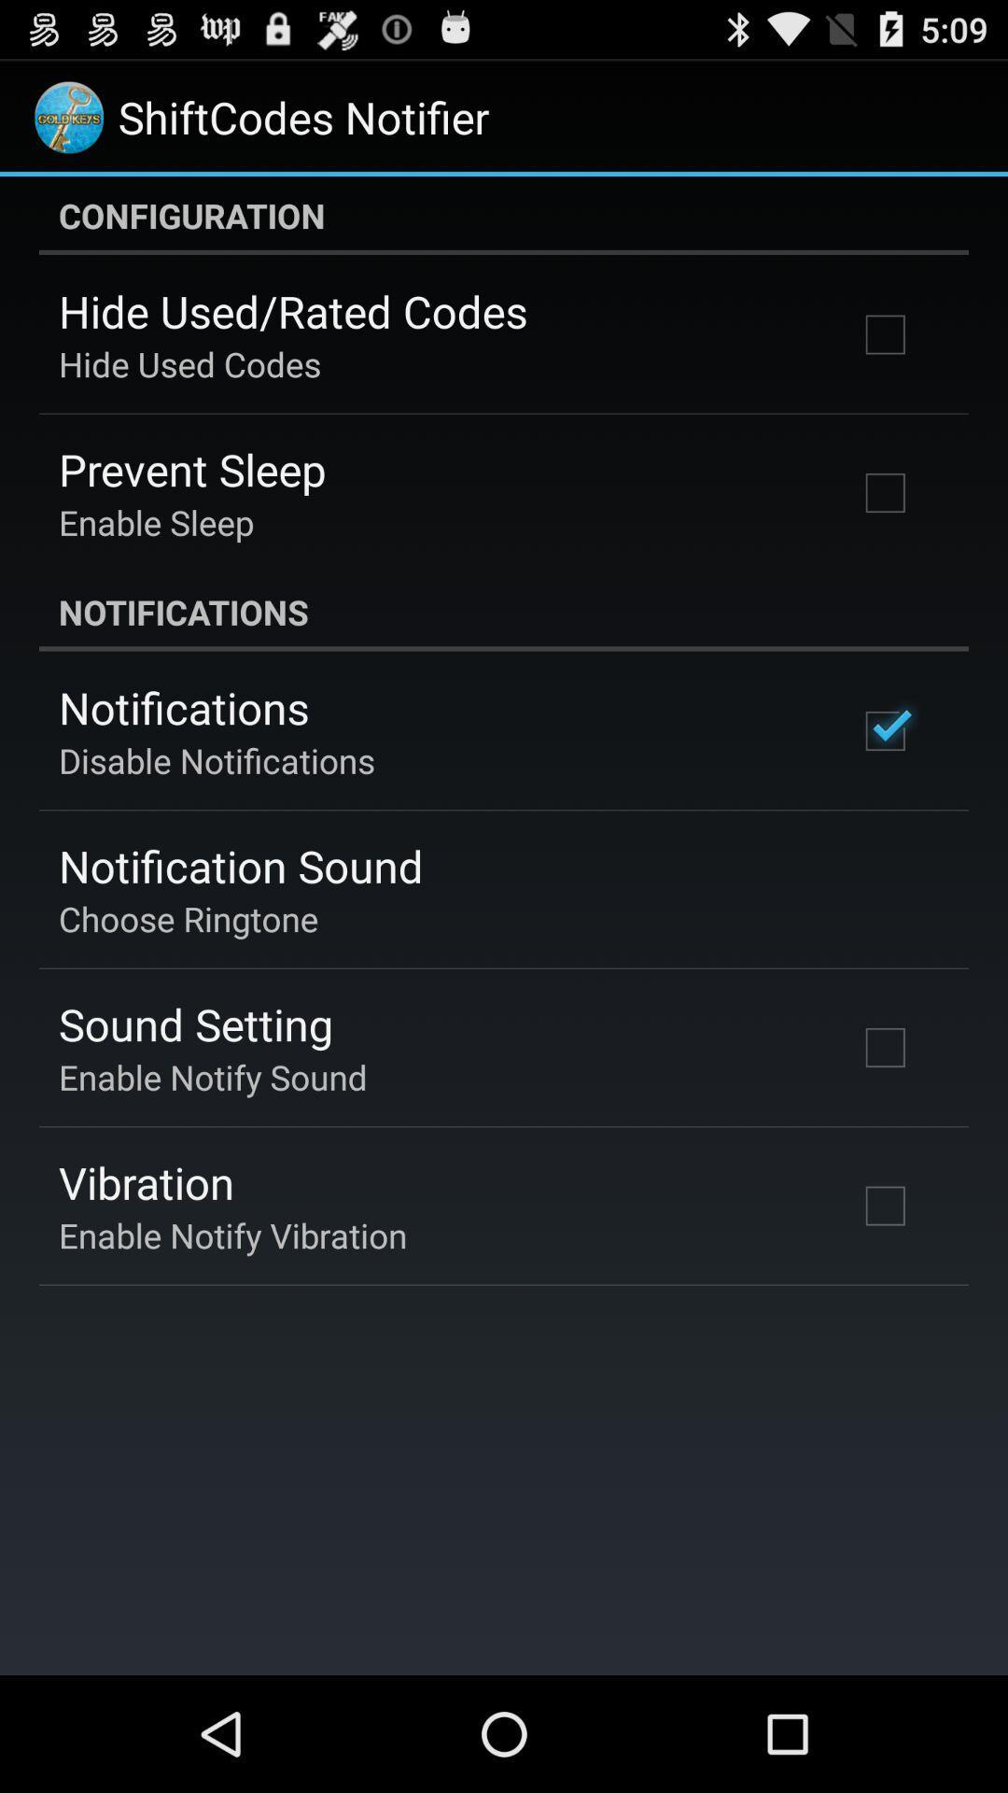 Image resolution: width=1008 pixels, height=1793 pixels. I want to click on enable sleep app, so click(155, 522).